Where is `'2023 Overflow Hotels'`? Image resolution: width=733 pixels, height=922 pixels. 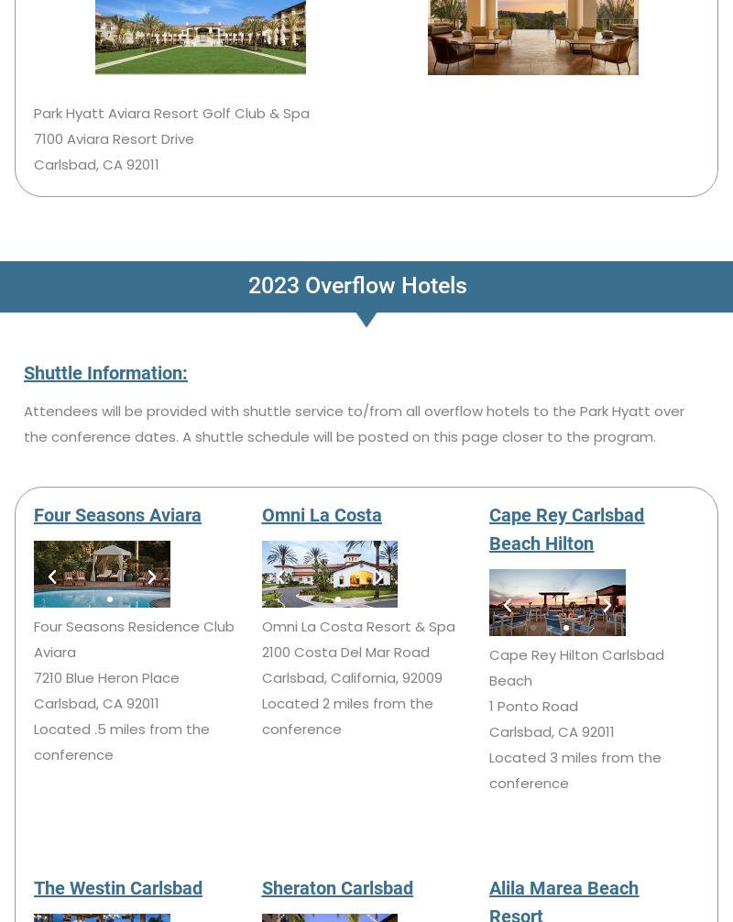 '2023 Overflow Hotels' is located at coordinates (356, 283).